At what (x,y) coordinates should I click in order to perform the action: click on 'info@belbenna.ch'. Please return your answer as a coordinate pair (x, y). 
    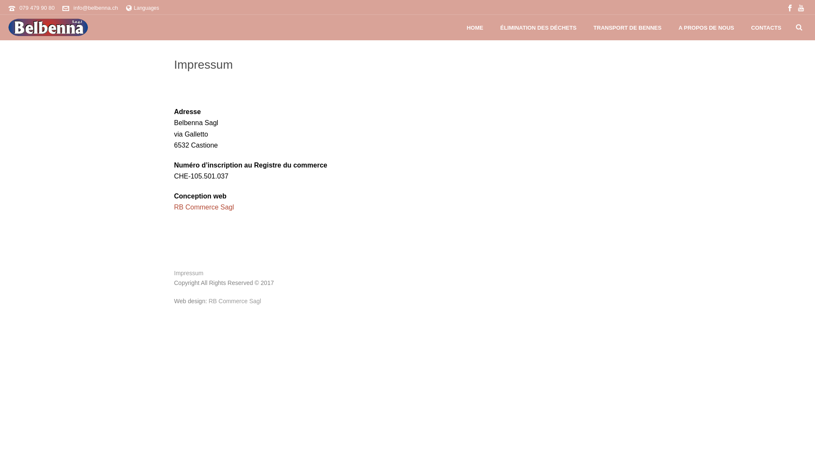
    Looking at the image, I should click on (96, 8).